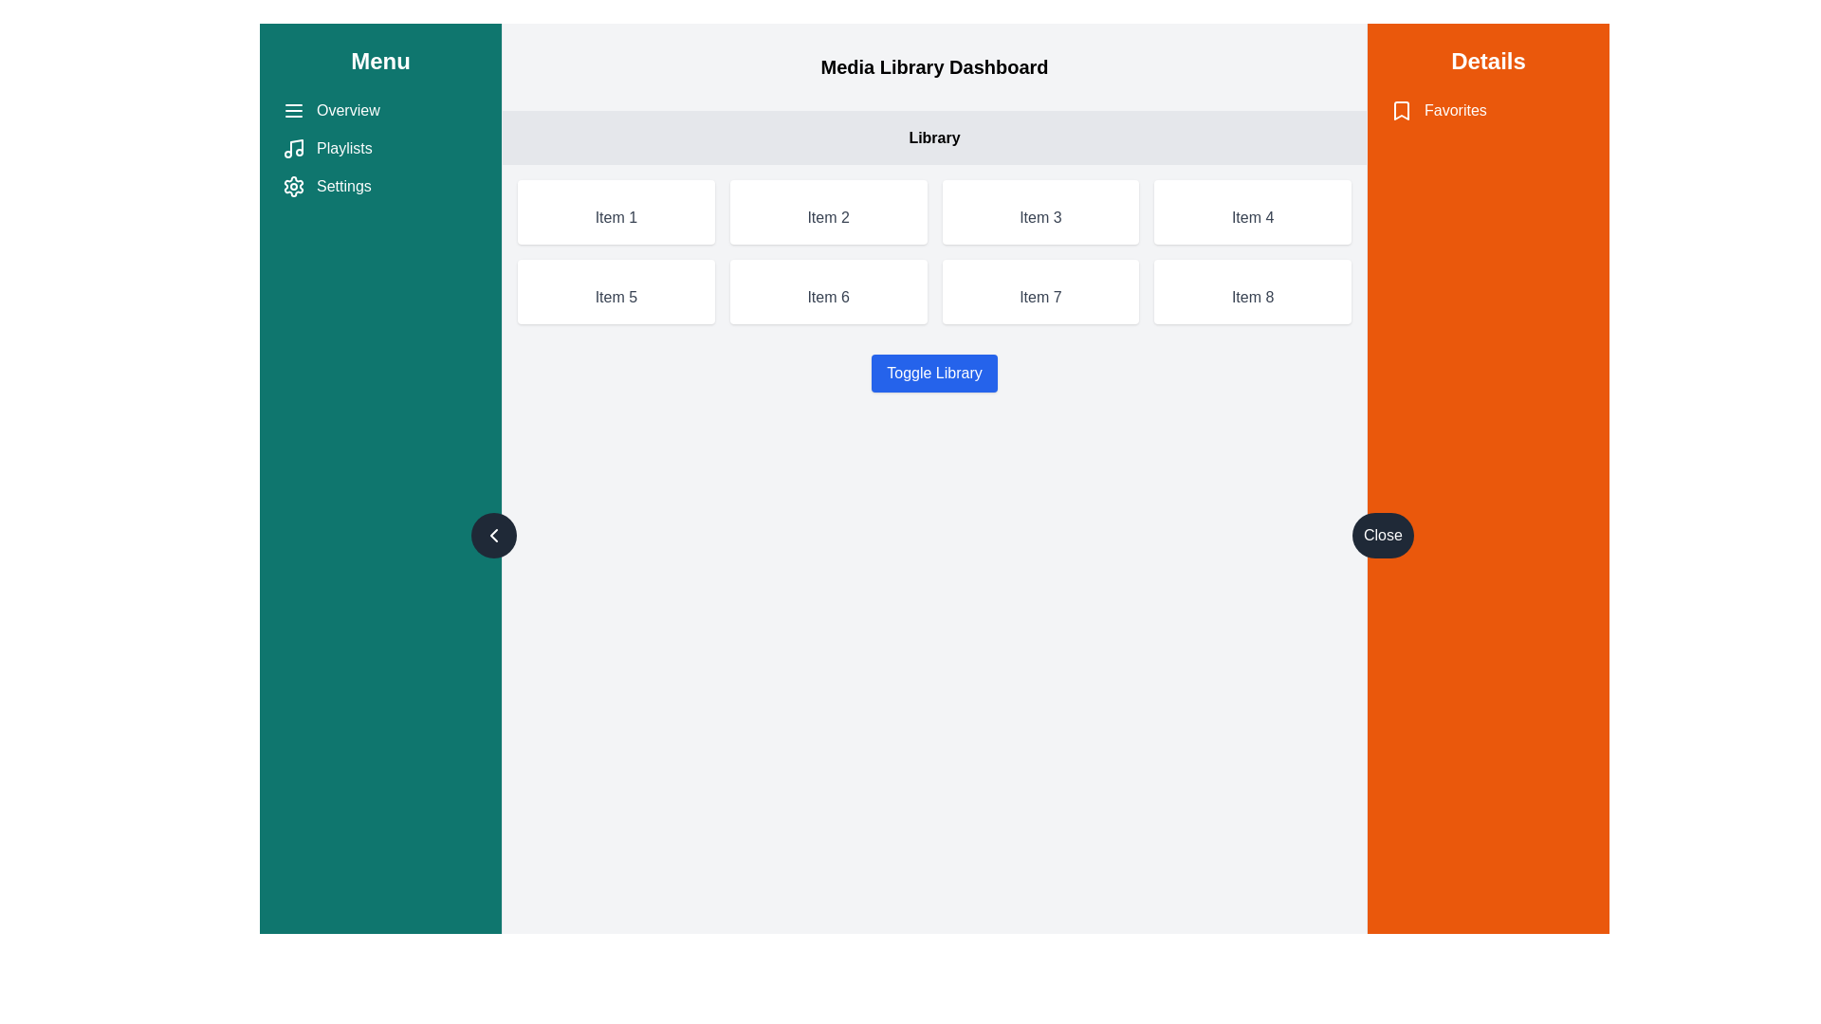 This screenshot has width=1821, height=1024. I want to click on the card located in the second row, fourth column of the grid layout, which serves as a navigable placeholder for an item, so click(1253, 211).